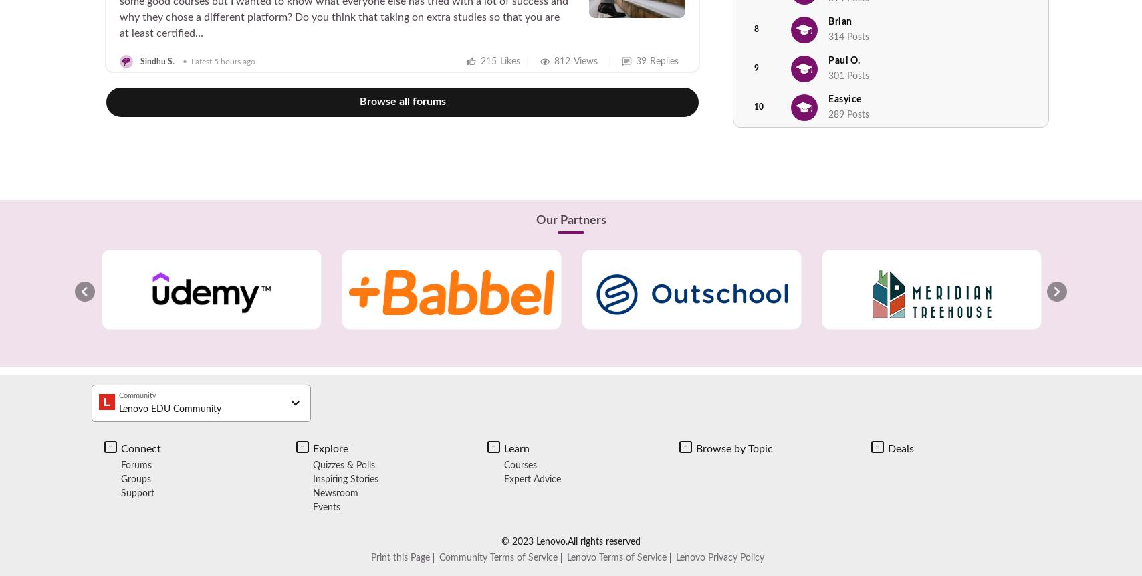  I want to click on '301 Posts', so click(848, 74).